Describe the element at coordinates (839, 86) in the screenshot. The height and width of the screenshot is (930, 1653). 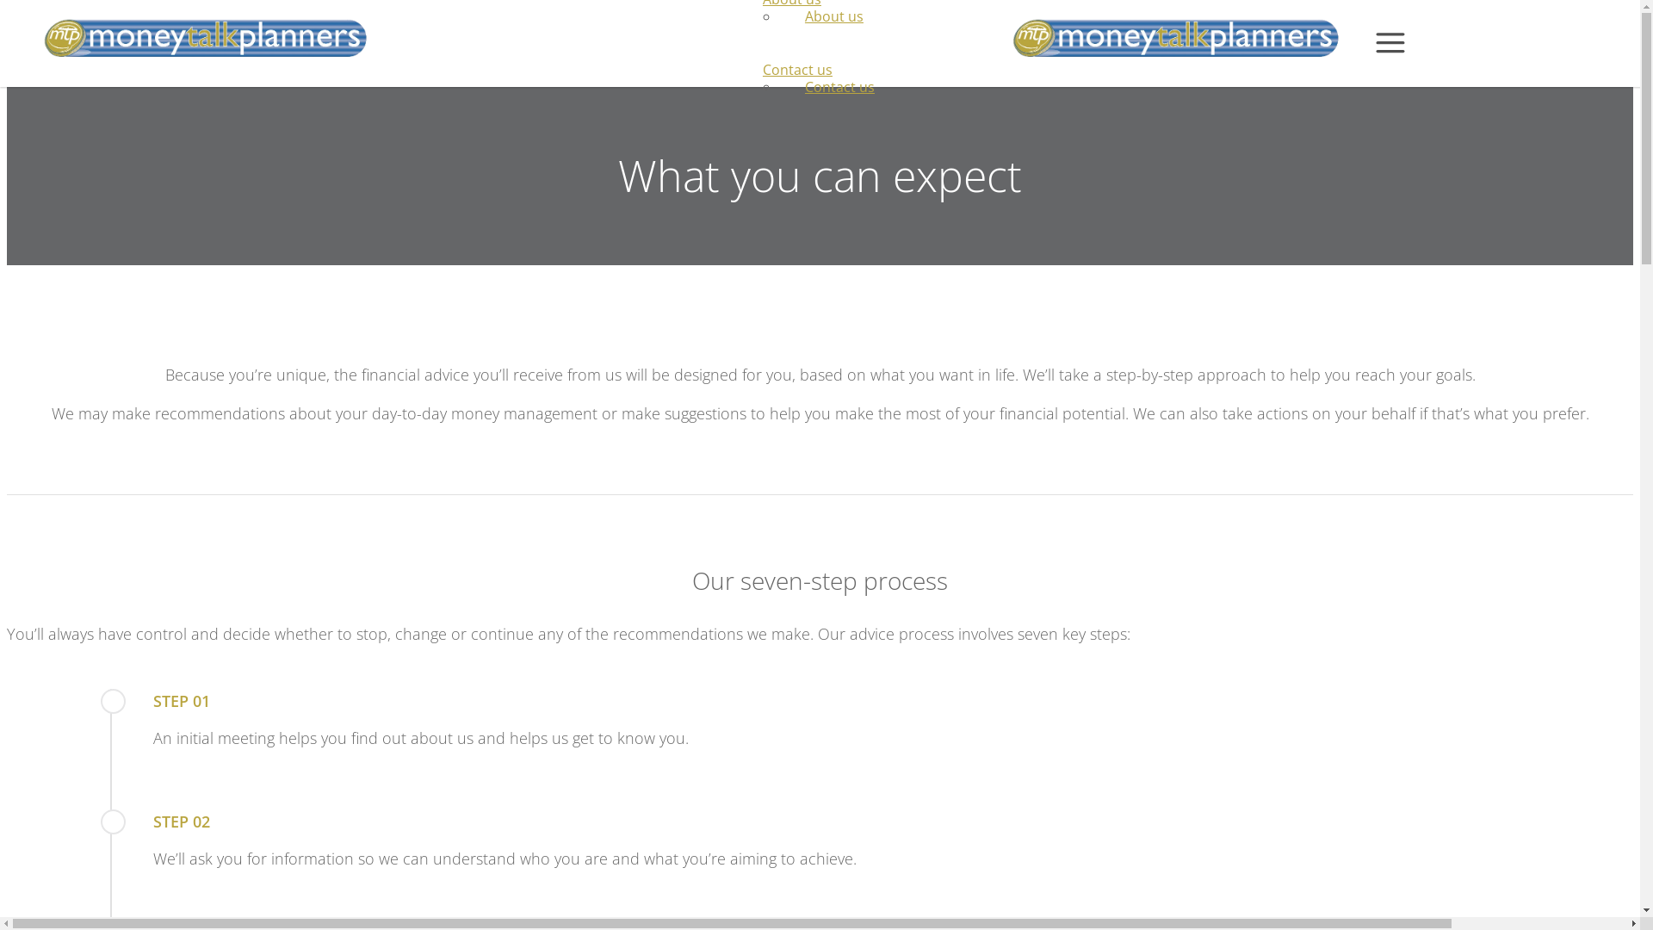
I see `'Contact us'` at that location.